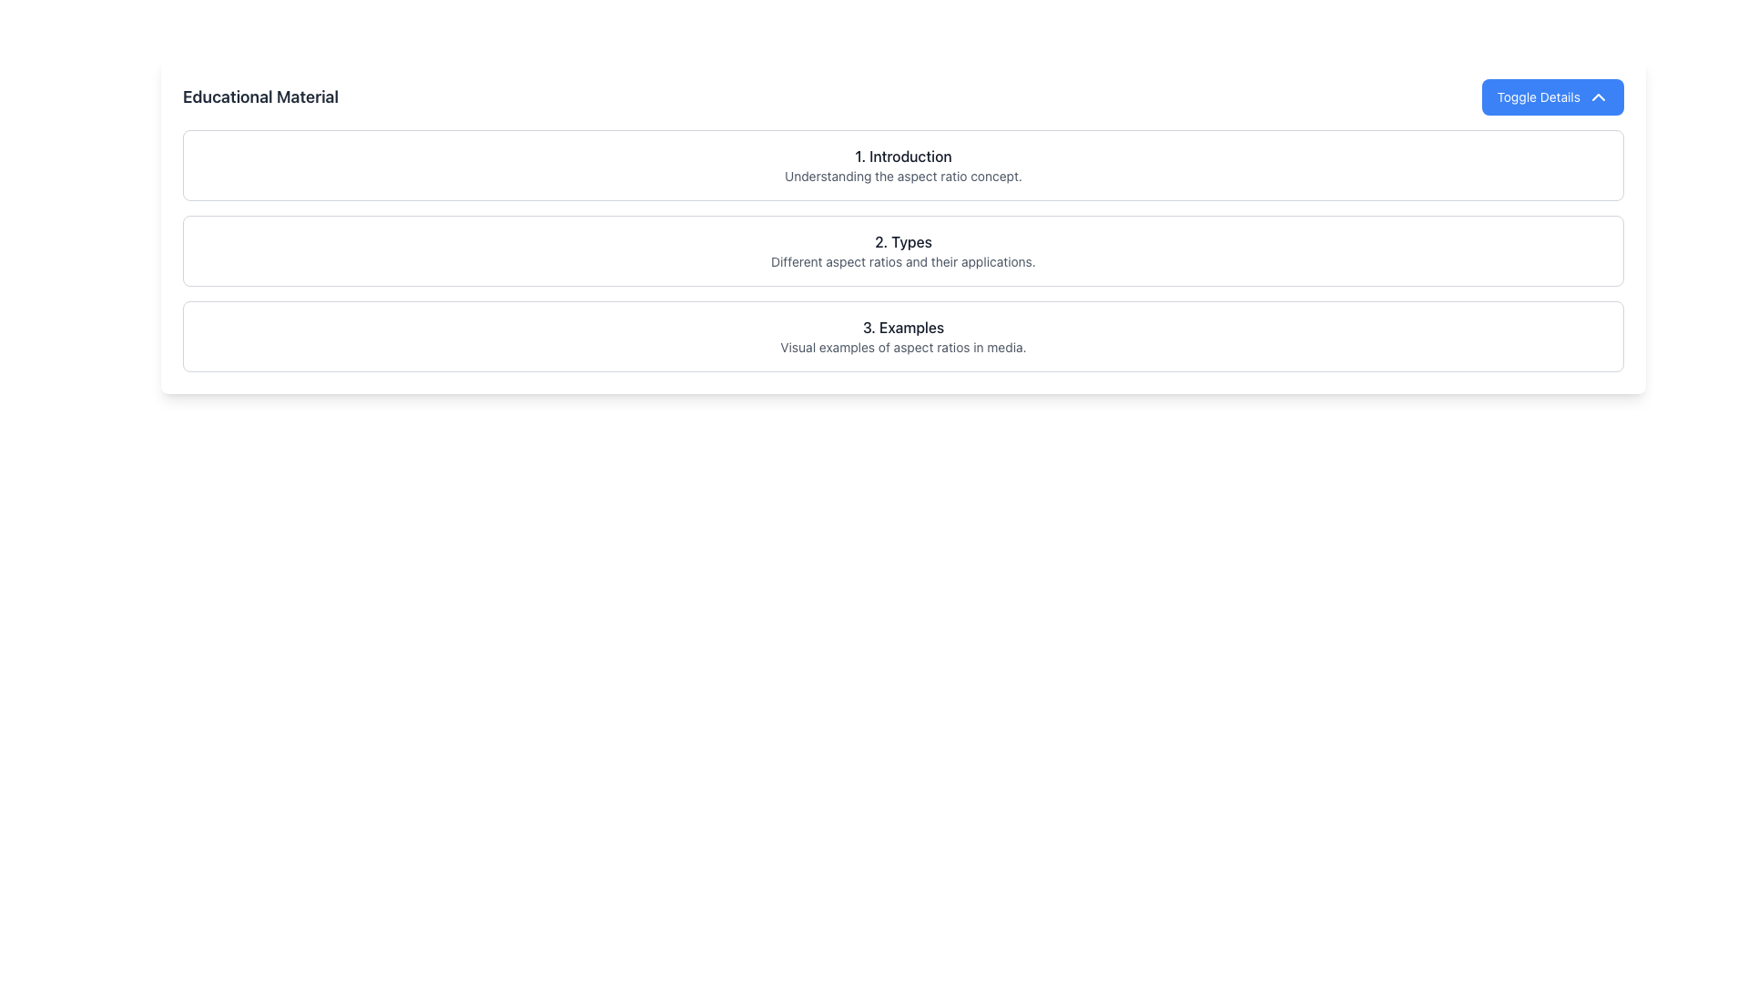  Describe the element at coordinates (903, 337) in the screenshot. I see `the third selectable list item that contains the text '3. Examples,' and 'Visual examples of aspect ratios in media.'` at that location.